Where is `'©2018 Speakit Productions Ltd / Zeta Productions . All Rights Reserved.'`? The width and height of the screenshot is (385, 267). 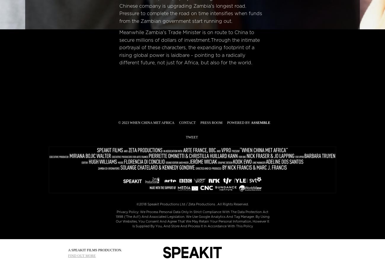
'©2018 Speakit Productions Ltd / Zeta Productions . All Rights Reserved.' is located at coordinates (192, 204).